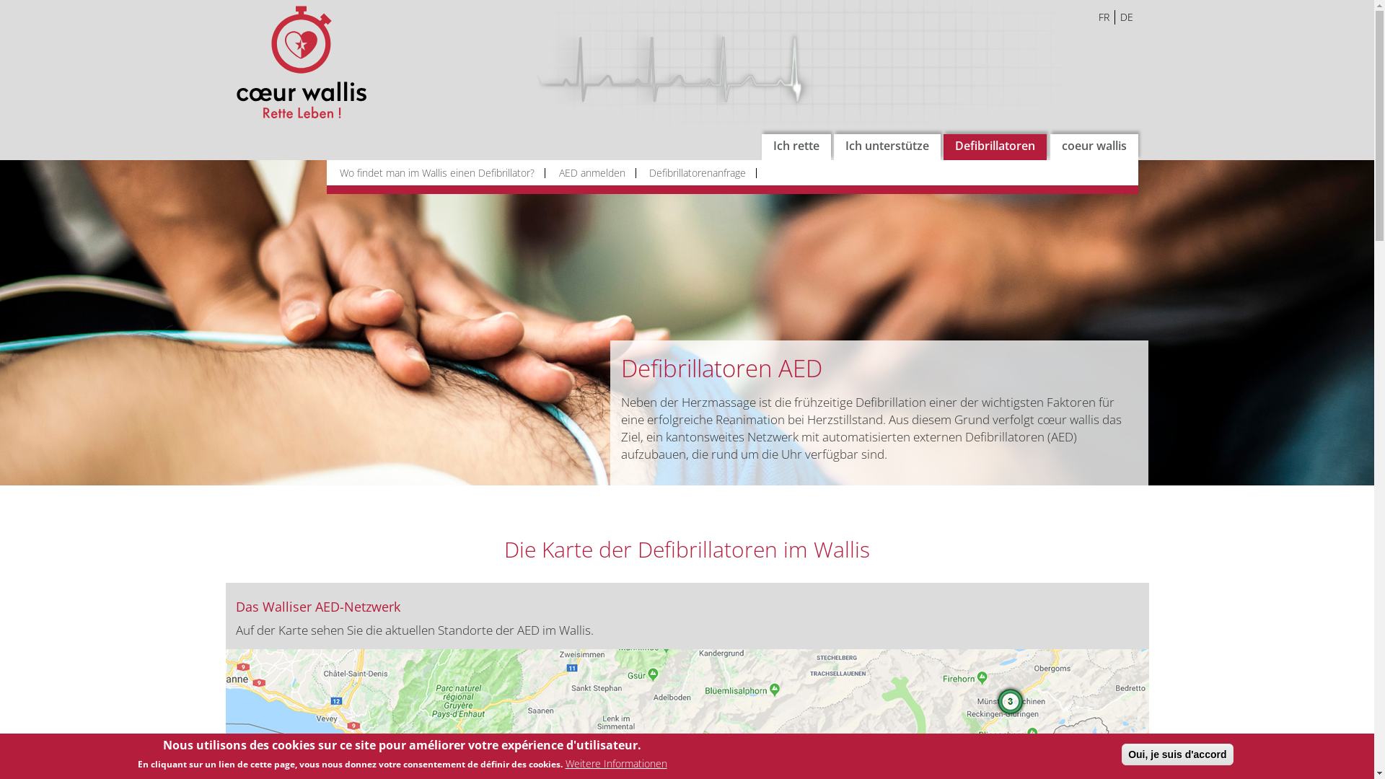 Image resolution: width=1385 pixels, height=779 pixels. Describe the element at coordinates (0, 0) in the screenshot. I see `'Direkt zum Inhalt'` at that location.